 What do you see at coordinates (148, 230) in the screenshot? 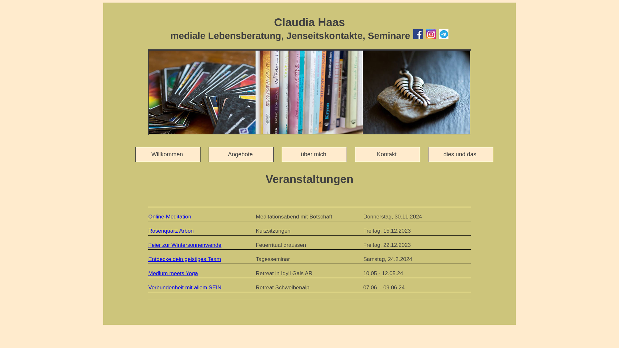
I see `'Rosenquarz Arbon'` at bounding box center [148, 230].